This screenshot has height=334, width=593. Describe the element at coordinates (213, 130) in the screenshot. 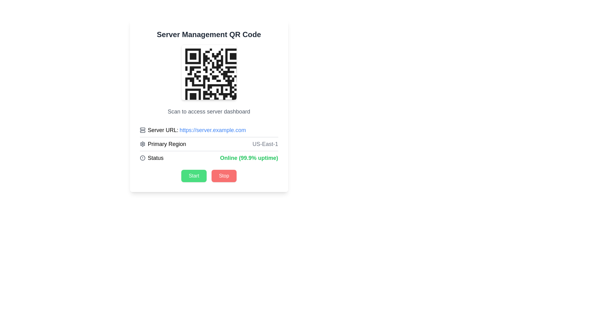

I see `the hyperlink displaying 'https://server.example.com'` at that location.